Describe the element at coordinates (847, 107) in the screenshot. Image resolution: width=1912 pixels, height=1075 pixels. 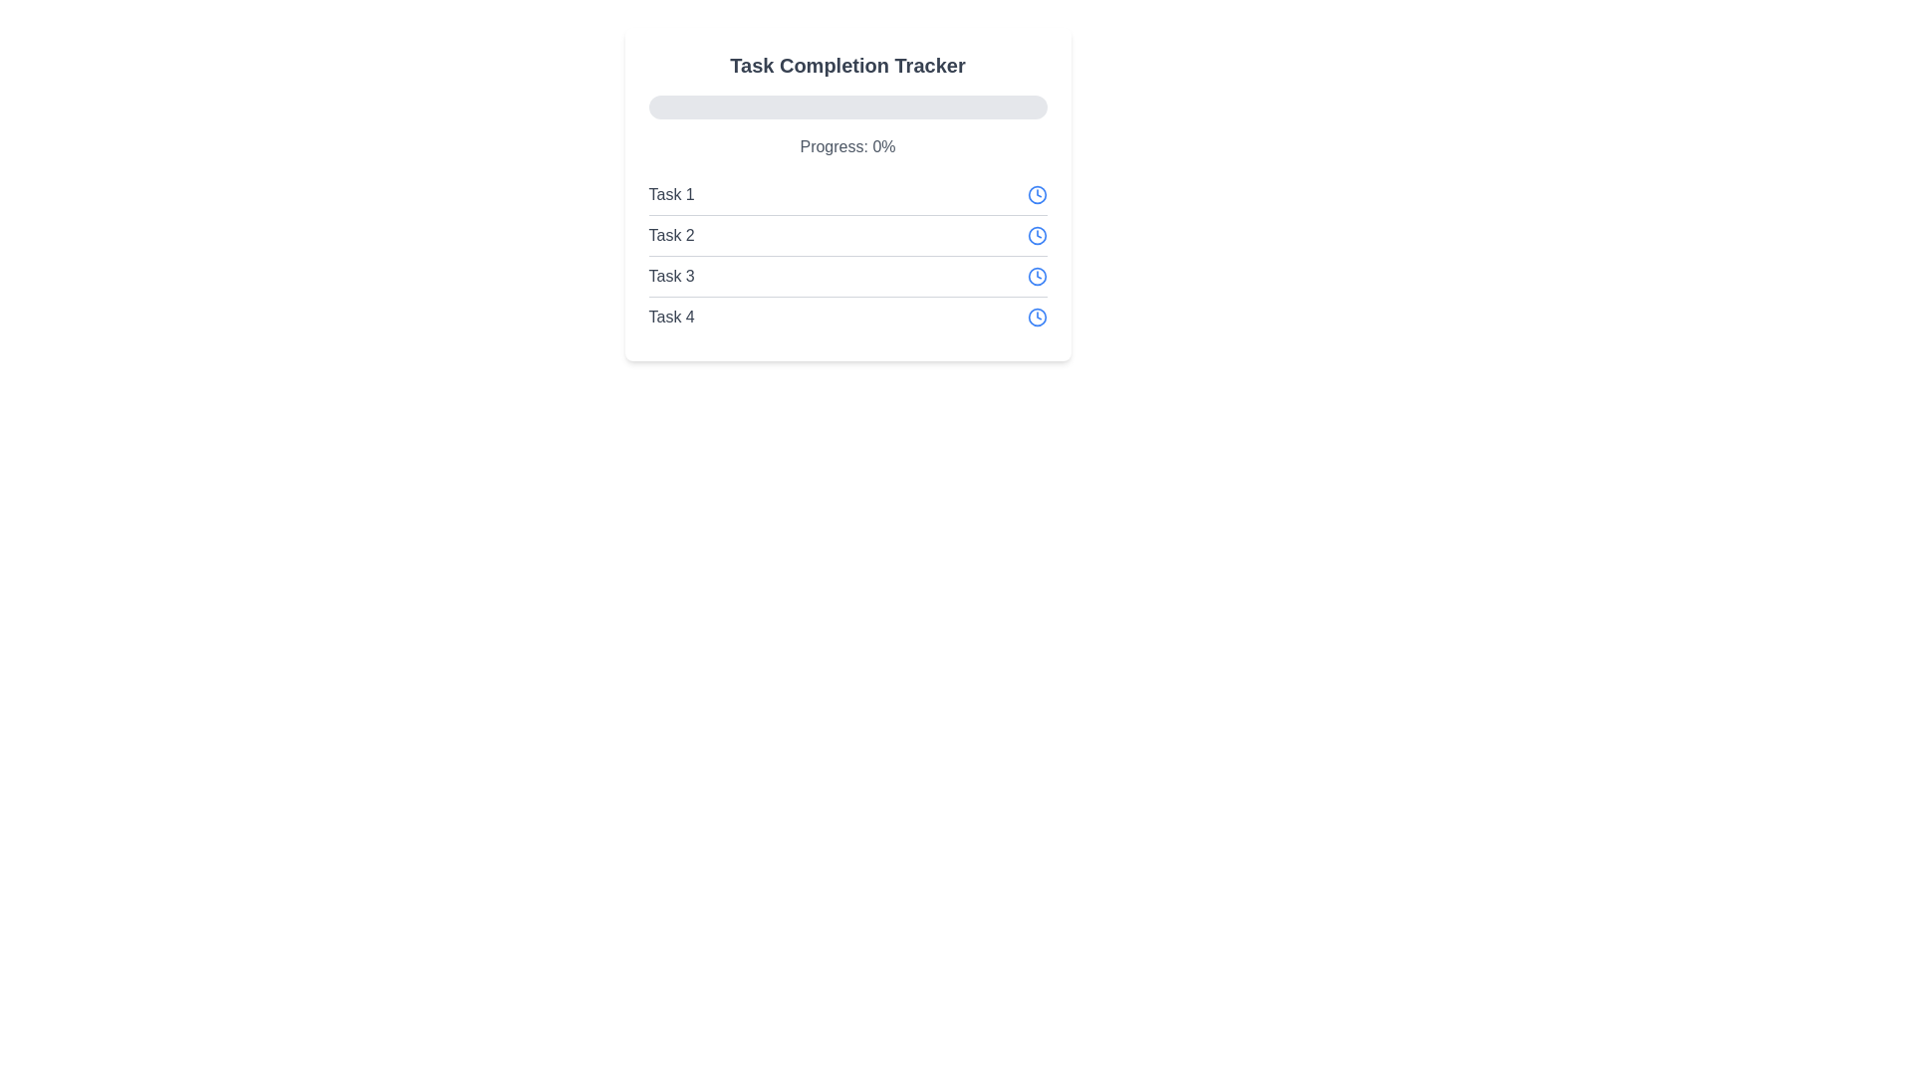
I see `the progress bar located beneath 'Task Completion Tracker' and above 'Progress: 0%'` at that location.